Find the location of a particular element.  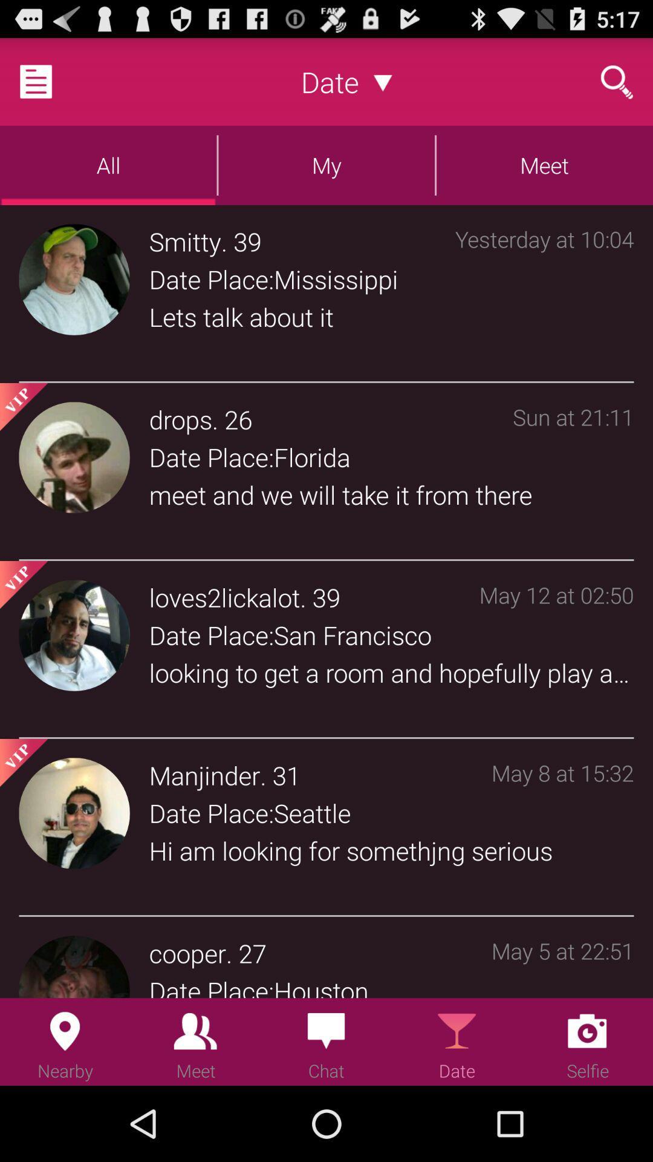

the item to the right of .  icon is located at coordinates (287, 775).